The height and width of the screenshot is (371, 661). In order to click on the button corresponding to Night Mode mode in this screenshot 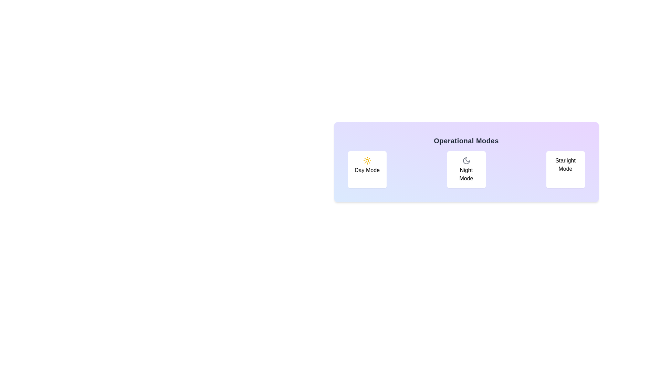, I will do `click(466, 169)`.